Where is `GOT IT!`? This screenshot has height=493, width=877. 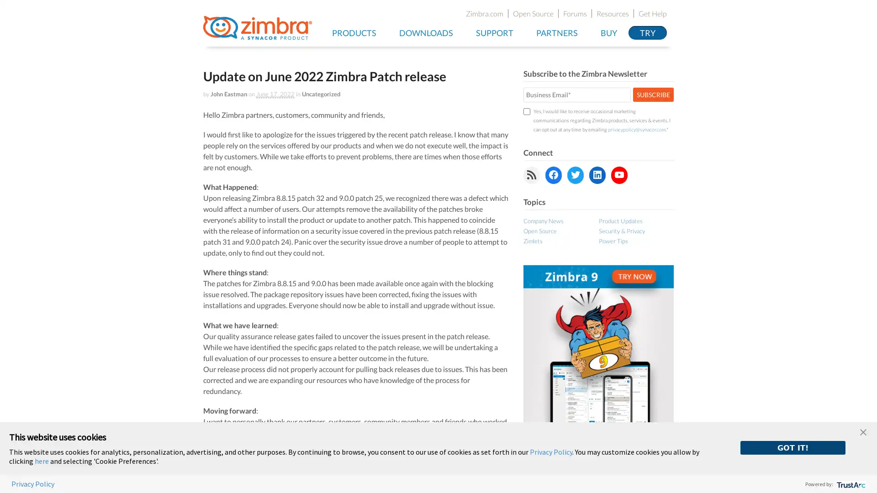
GOT IT! is located at coordinates (792, 447).